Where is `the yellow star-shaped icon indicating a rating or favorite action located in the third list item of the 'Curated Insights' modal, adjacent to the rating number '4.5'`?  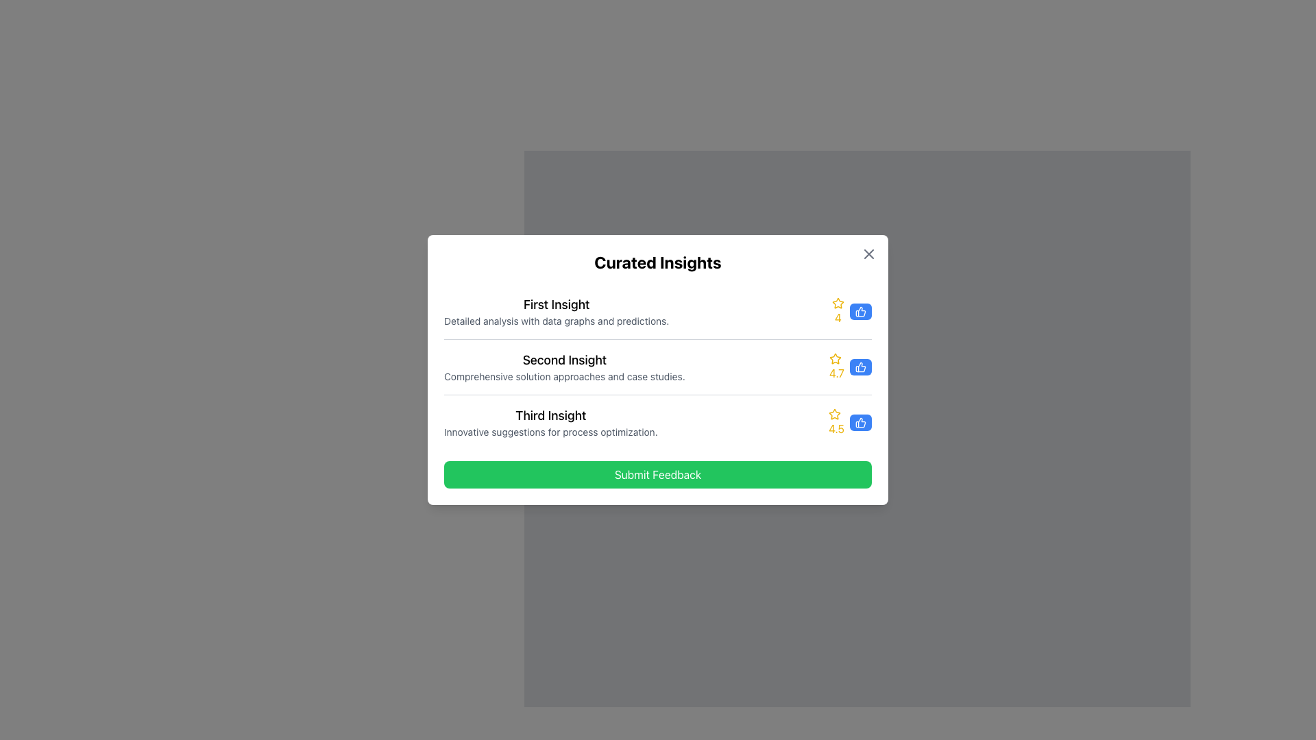
the yellow star-shaped icon indicating a rating or favorite action located in the third list item of the 'Curated Insights' modal, adjacent to the rating number '4.5' is located at coordinates (834, 414).